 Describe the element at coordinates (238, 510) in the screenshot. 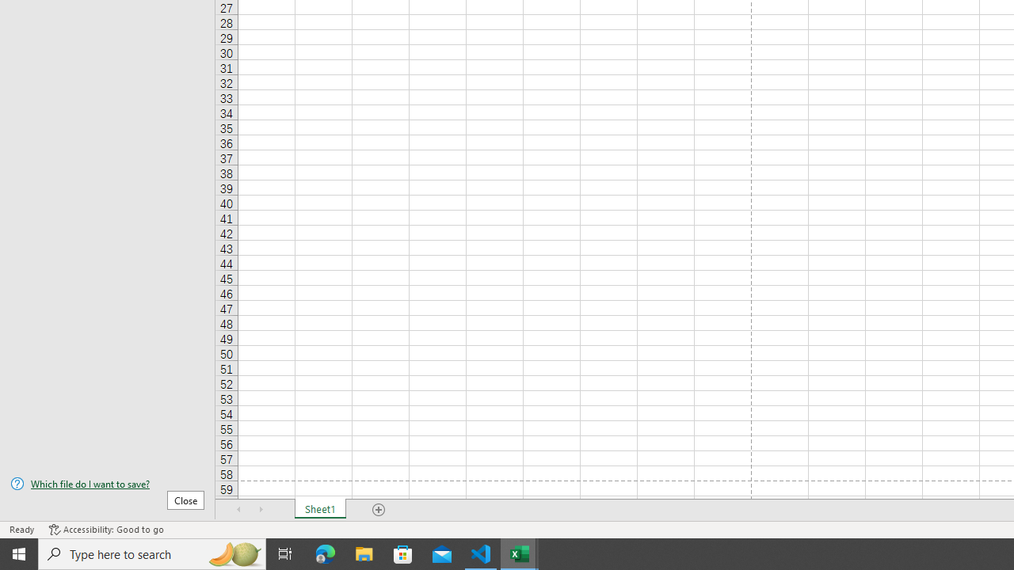

I see `'Scroll Left'` at that location.